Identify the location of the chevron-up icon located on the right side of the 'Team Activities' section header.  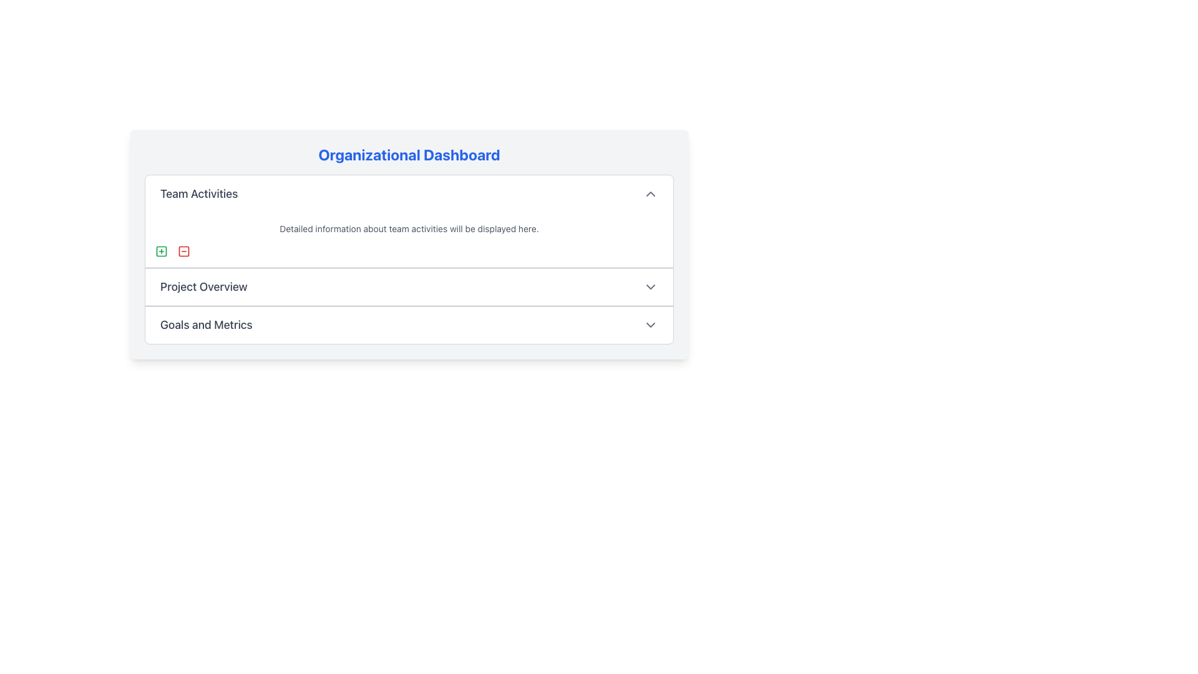
(650, 194).